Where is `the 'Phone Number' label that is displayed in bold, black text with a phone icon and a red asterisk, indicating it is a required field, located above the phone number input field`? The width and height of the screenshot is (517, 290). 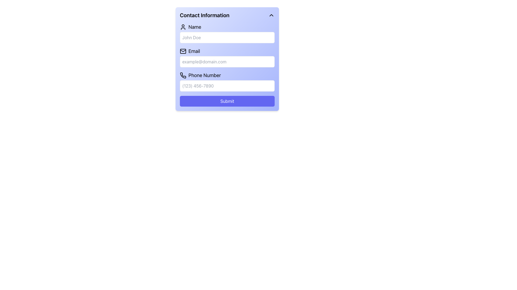 the 'Phone Number' label that is displayed in bold, black text with a phone icon and a red asterisk, indicating it is a required field, located above the phone number input field is located at coordinates (227, 75).